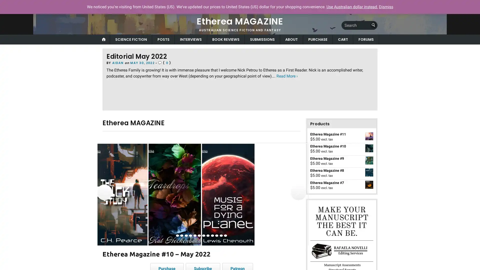 The image size is (480, 270). Describe the element at coordinates (373, 25) in the screenshot. I see `Submit` at that location.